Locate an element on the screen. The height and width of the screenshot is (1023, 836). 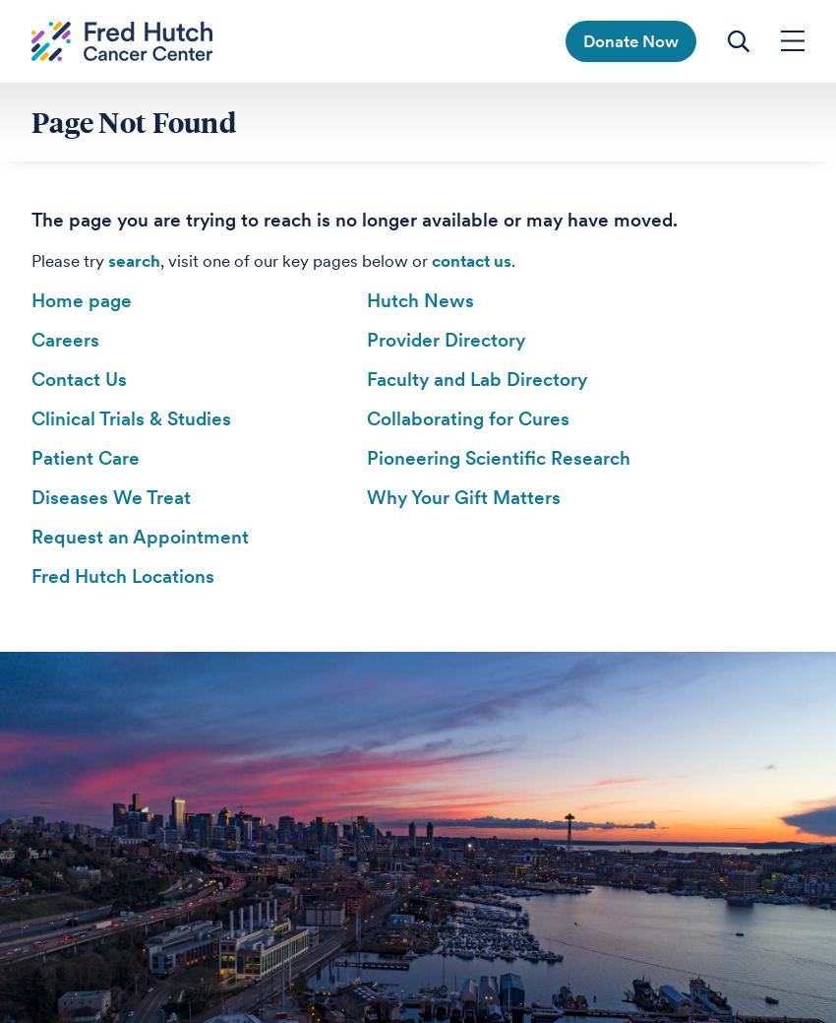
'The page you are trying to reach is no longer available or may have moved.' is located at coordinates (353, 220).